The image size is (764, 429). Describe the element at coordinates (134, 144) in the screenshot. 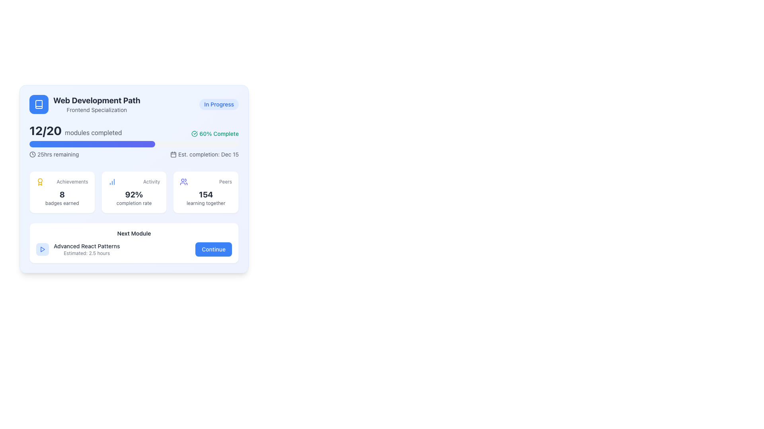

I see `the progress visually on the progress bar that is styled with a gray background and a gradient filling from blue to indigo, located below the header displaying '12/20 modules completed'` at that location.